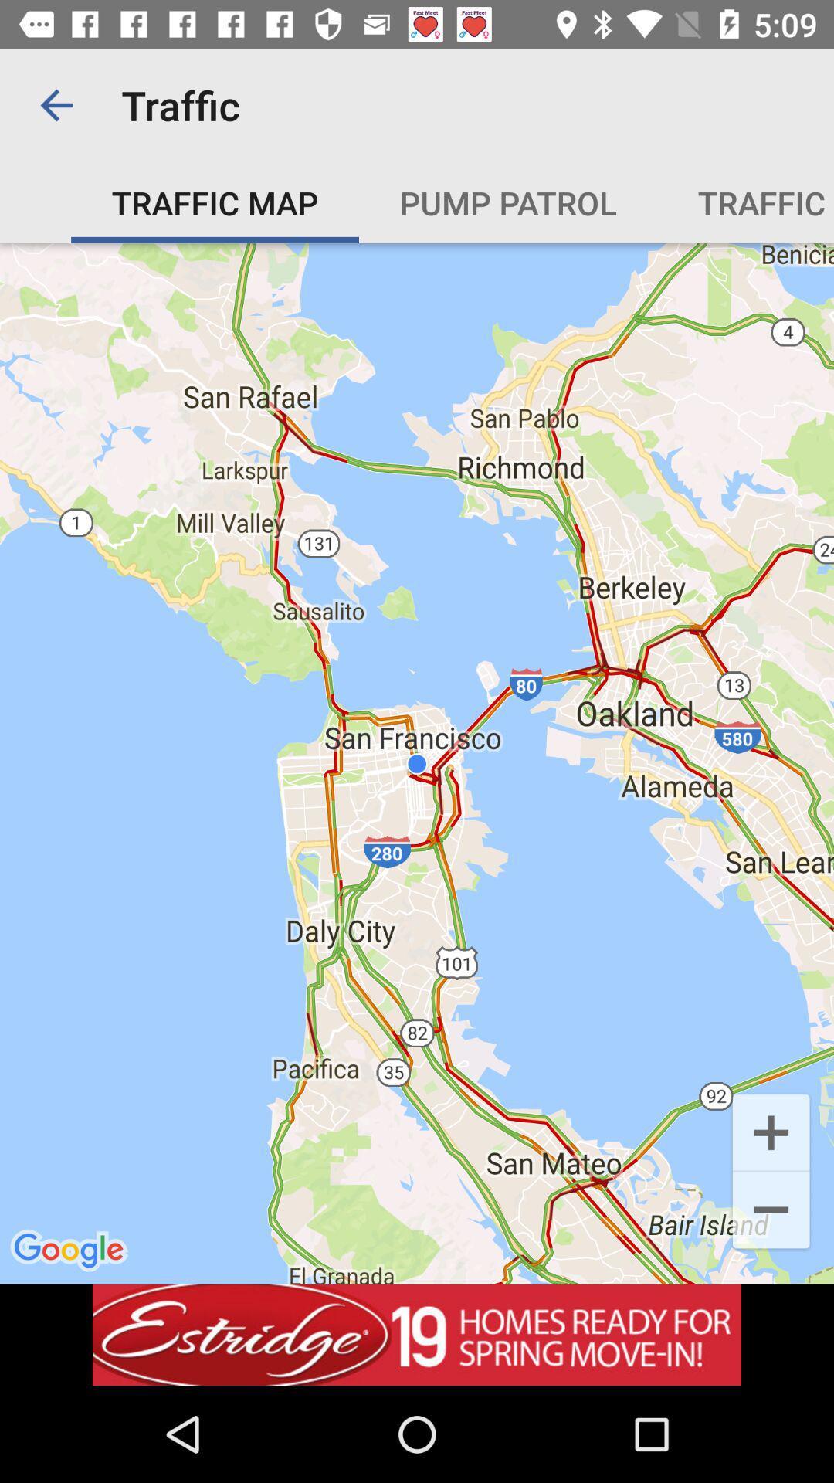 Image resolution: width=834 pixels, height=1483 pixels. What do you see at coordinates (417, 1334) in the screenshot?
I see `see adds` at bounding box center [417, 1334].